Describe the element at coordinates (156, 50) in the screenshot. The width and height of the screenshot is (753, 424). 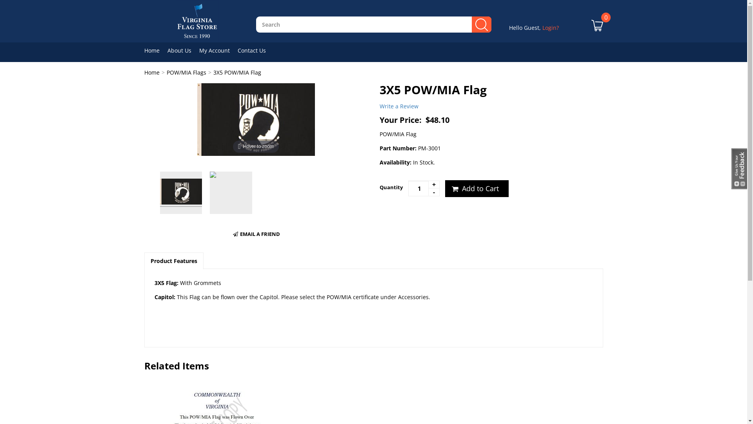
I see `'Home'` at that location.